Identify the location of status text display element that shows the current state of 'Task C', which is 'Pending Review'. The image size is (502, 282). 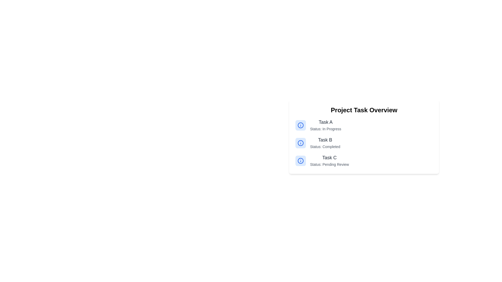
(329, 164).